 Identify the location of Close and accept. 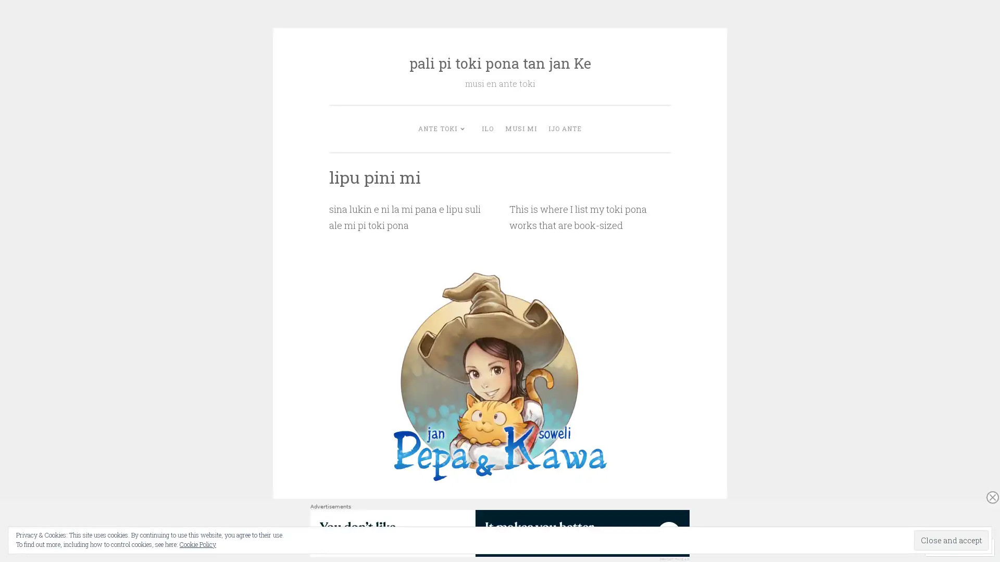
(951, 540).